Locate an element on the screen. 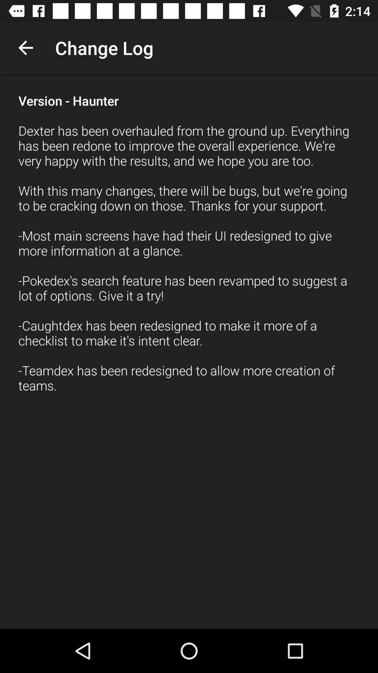 The image size is (378, 673). the app next to change log icon is located at coordinates (25, 47).